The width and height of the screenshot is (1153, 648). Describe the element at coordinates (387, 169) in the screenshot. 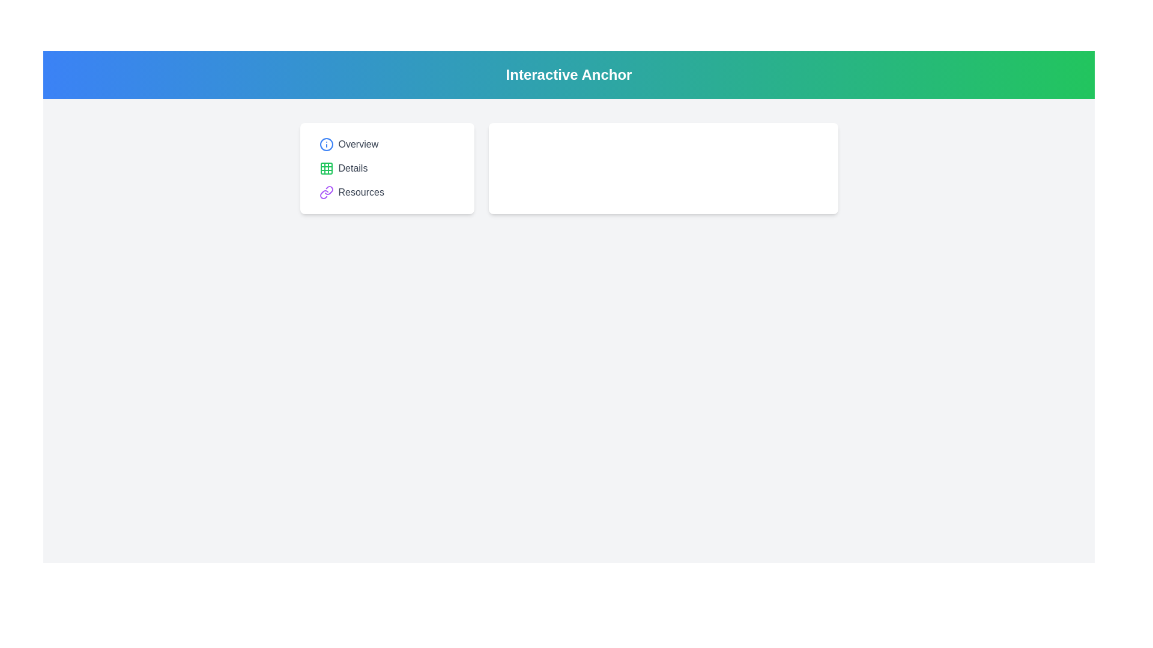

I see `the interactive button located as the second option in a vertical list, which activates the detailed view associated with the 'Details' section` at that location.